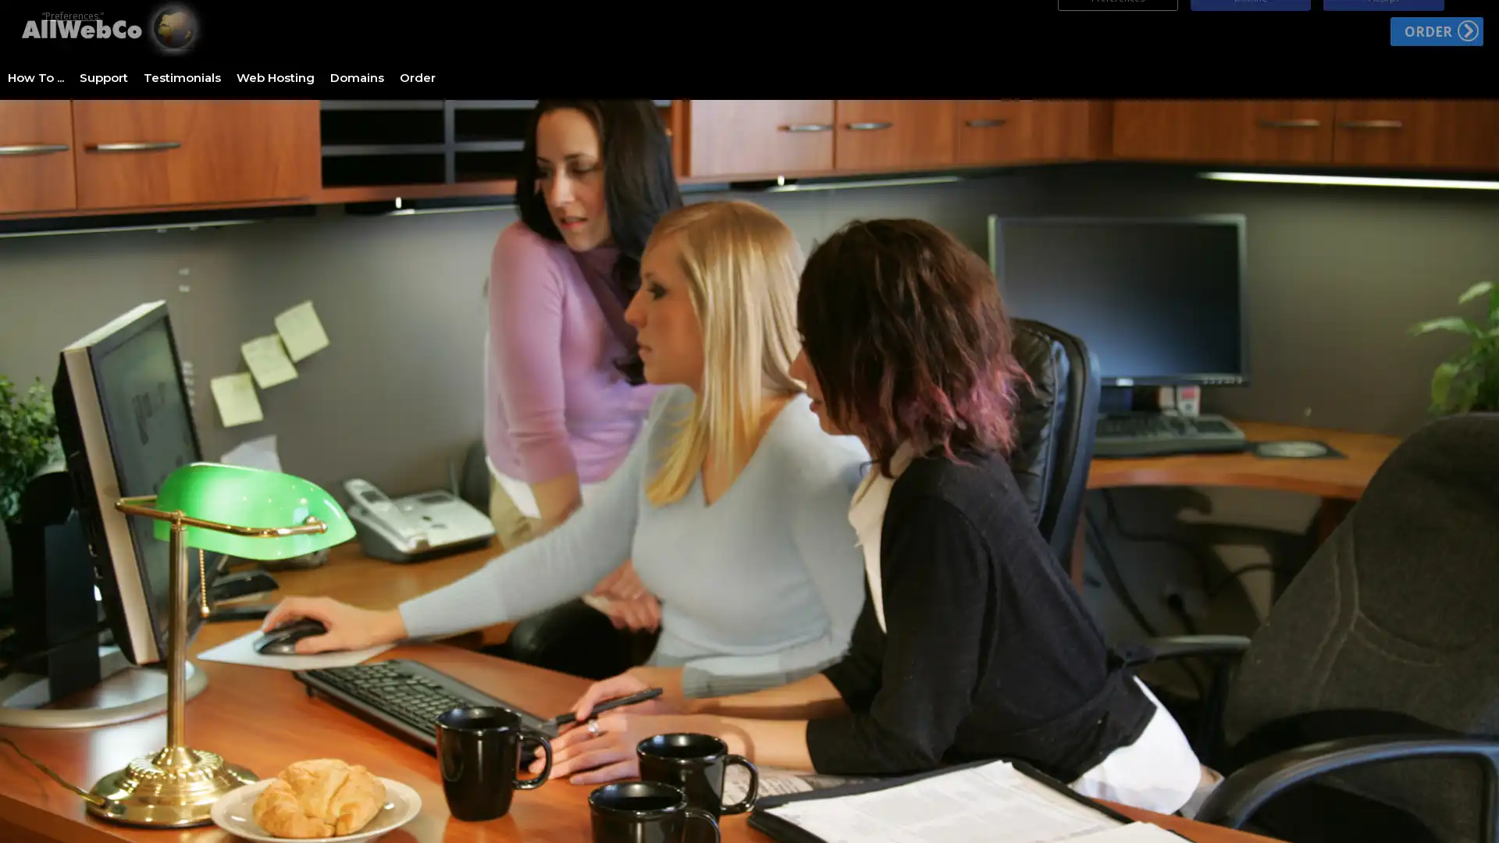  What do you see at coordinates (1116, 53) in the screenshot?
I see `Preferences` at bounding box center [1116, 53].